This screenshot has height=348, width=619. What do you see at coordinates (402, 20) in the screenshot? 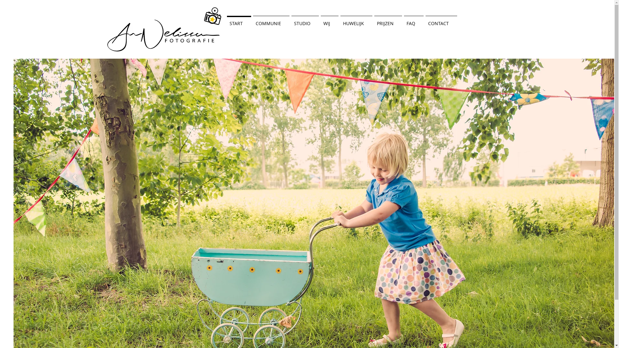
I see `'FAQ'` at bounding box center [402, 20].